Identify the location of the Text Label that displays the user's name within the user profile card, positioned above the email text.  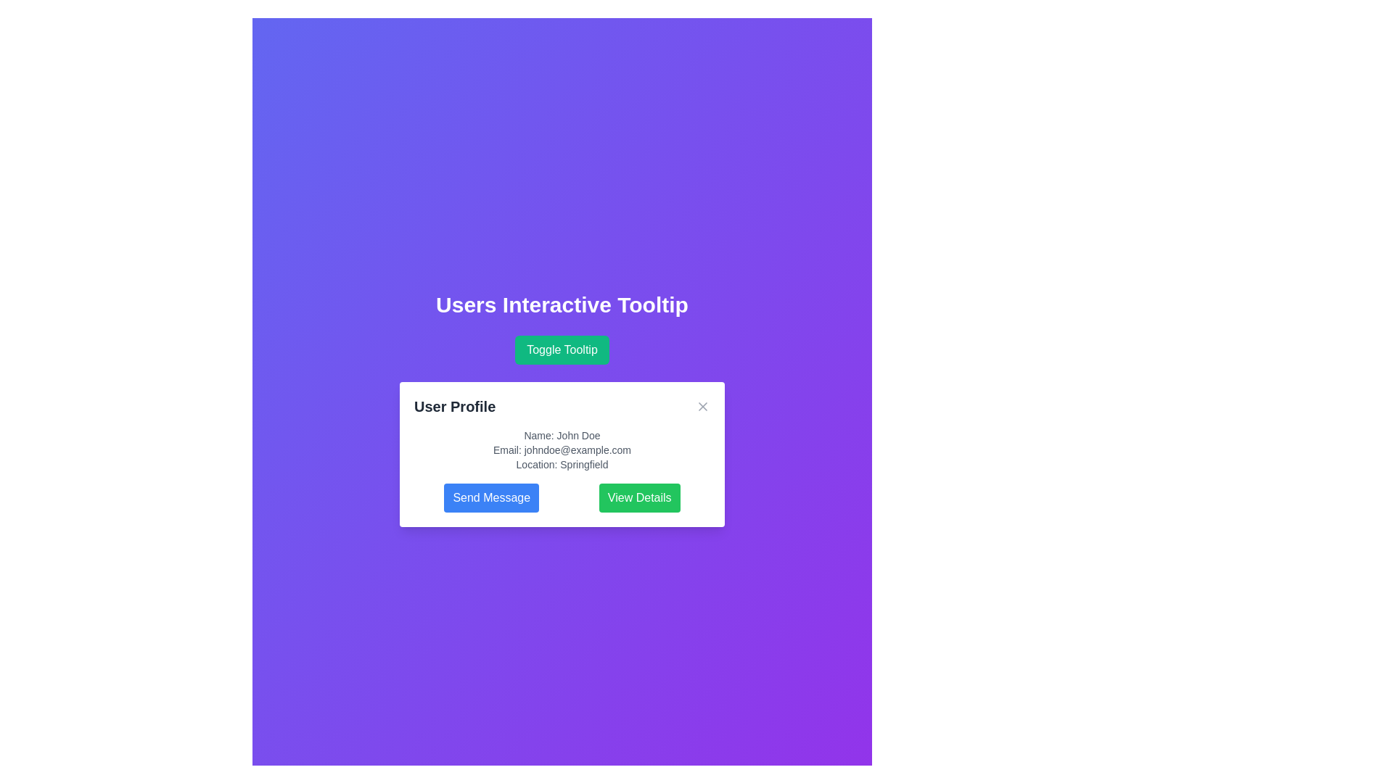
(561, 435).